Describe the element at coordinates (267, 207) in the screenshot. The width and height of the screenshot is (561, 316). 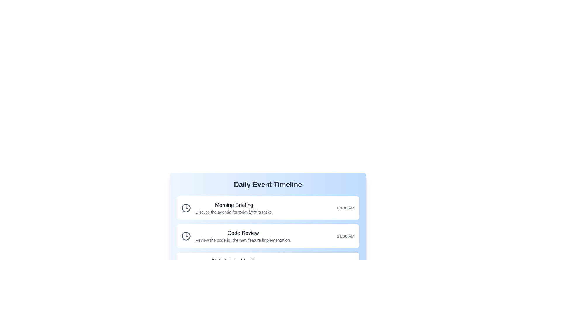
I see `the event titled 'Morning Briefing' to see the hover effect` at that location.